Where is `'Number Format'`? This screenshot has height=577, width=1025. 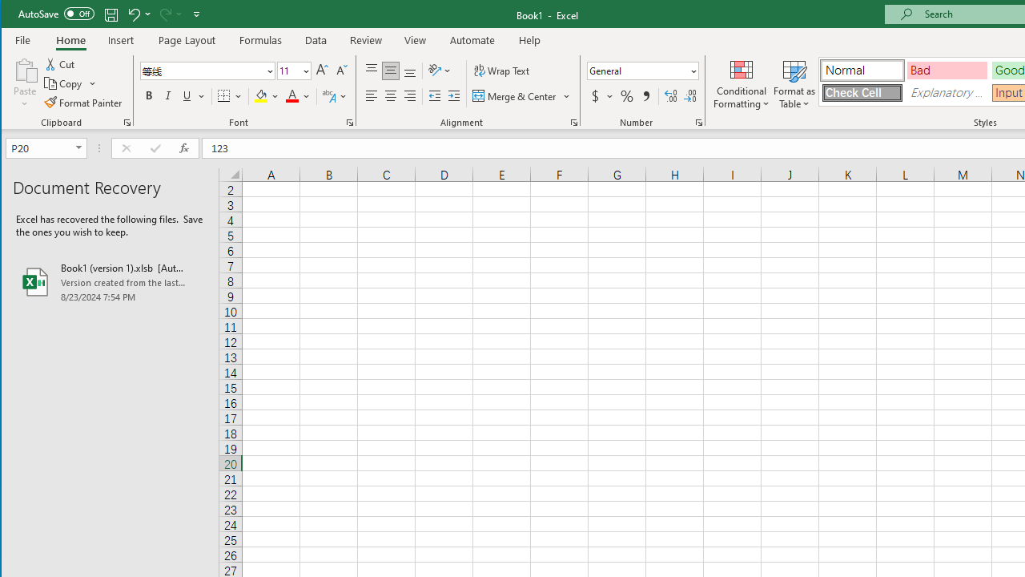
'Number Format' is located at coordinates (643, 70).